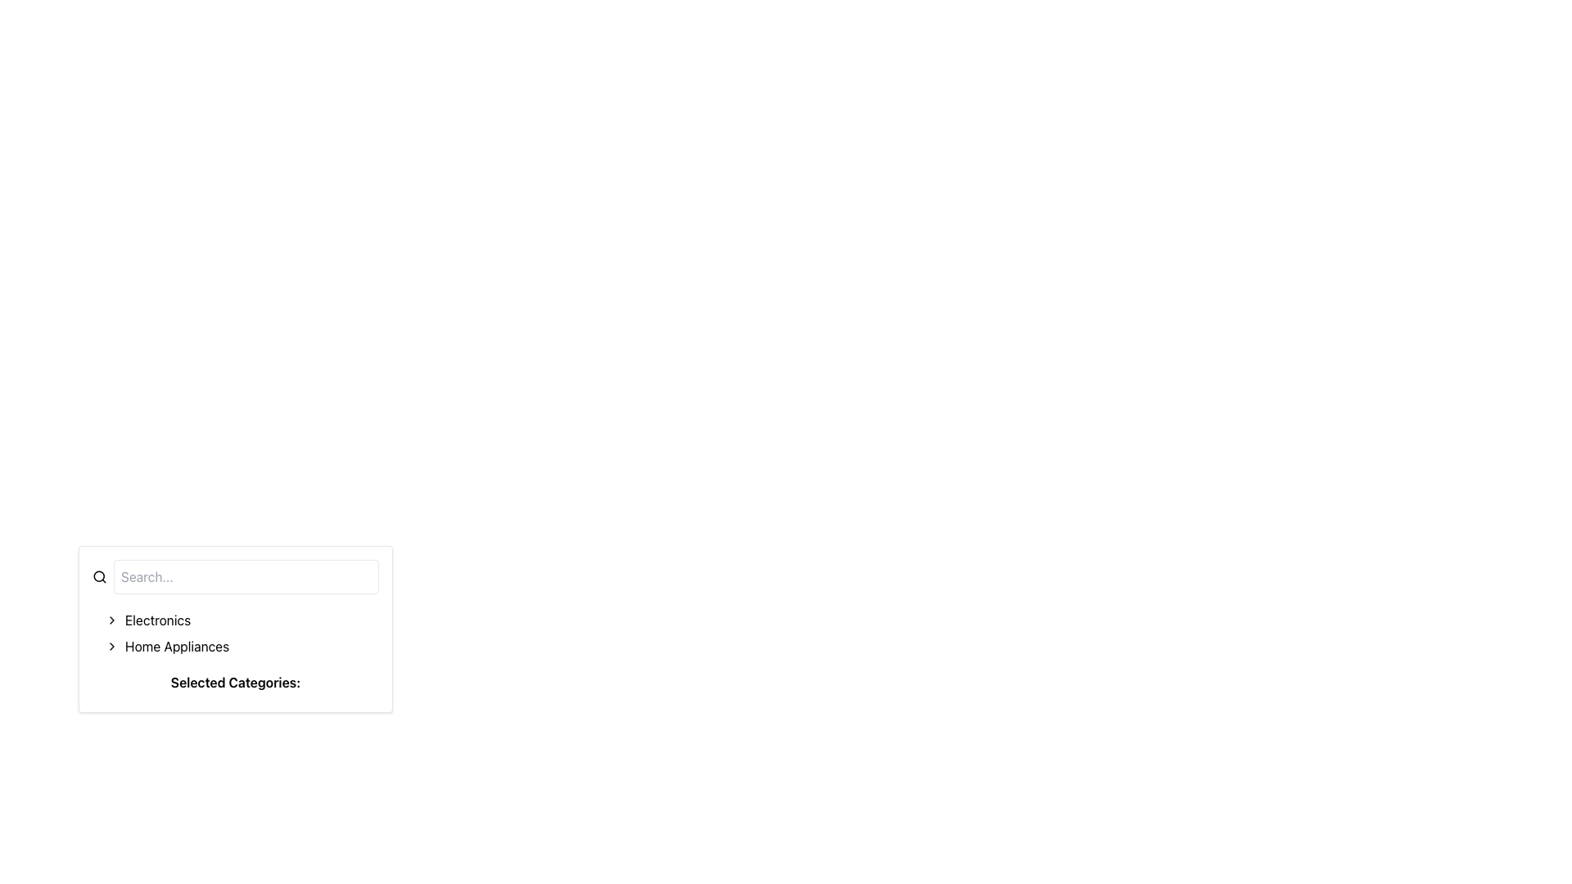  What do you see at coordinates (158, 620) in the screenshot?
I see `the 'Electronics' category text label` at bounding box center [158, 620].